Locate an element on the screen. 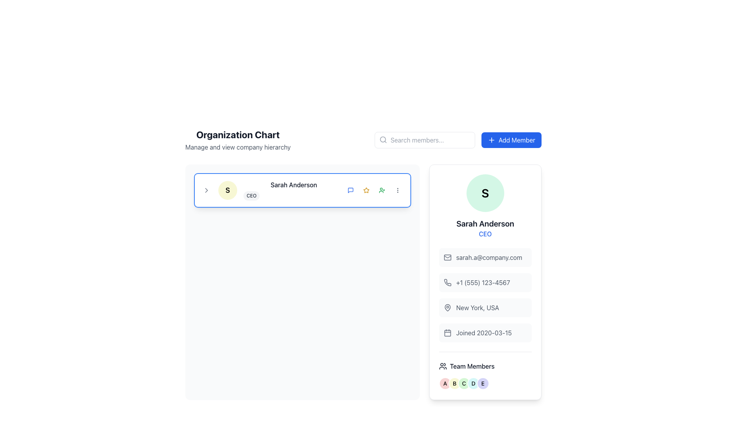 The image size is (754, 424). the small rectangular badge with rounded corners that has a light gray background and dark gray text reading 'CEO', located near Sarah Anderson's name is located at coordinates (251, 195).